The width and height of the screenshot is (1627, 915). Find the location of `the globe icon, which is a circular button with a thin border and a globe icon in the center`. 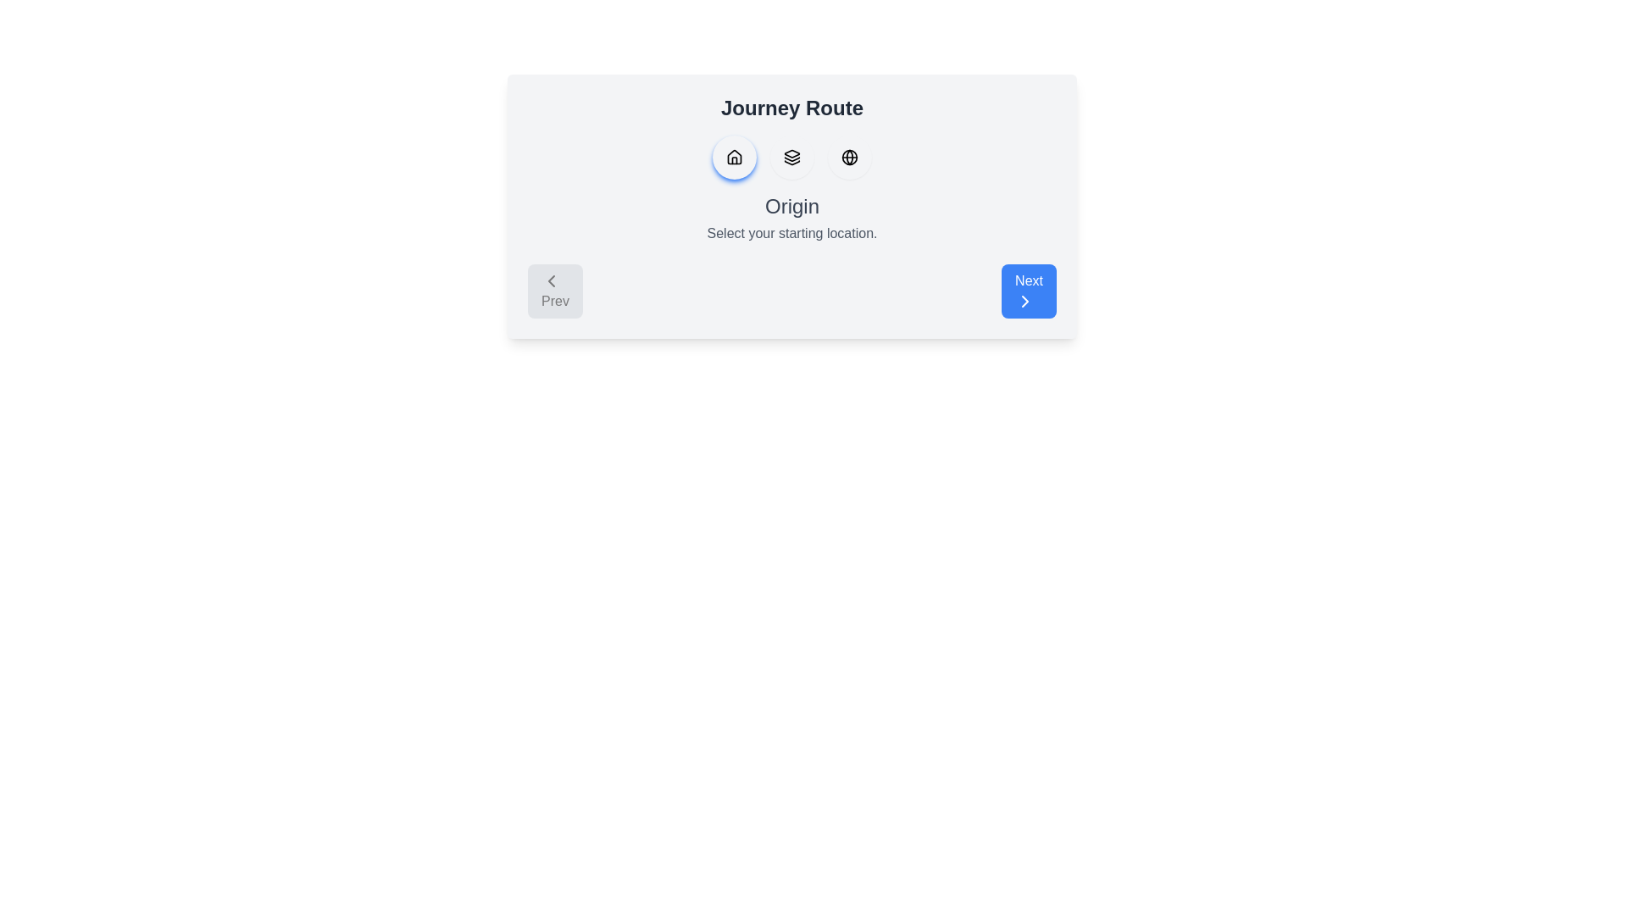

the globe icon, which is a circular button with a thin border and a globe icon in the center is located at coordinates (850, 157).